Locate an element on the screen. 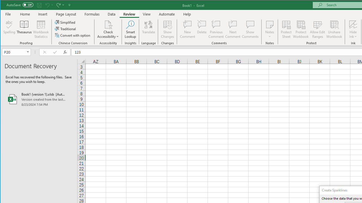 This screenshot has height=203, width=362. 'Protect Workbook...' is located at coordinates (301, 29).